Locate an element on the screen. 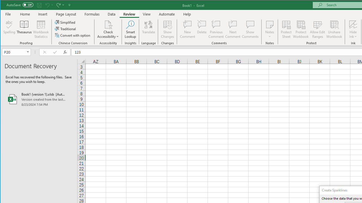 This screenshot has height=203, width=362. 'Protect Workbook...' is located at coordinates (301, 29).